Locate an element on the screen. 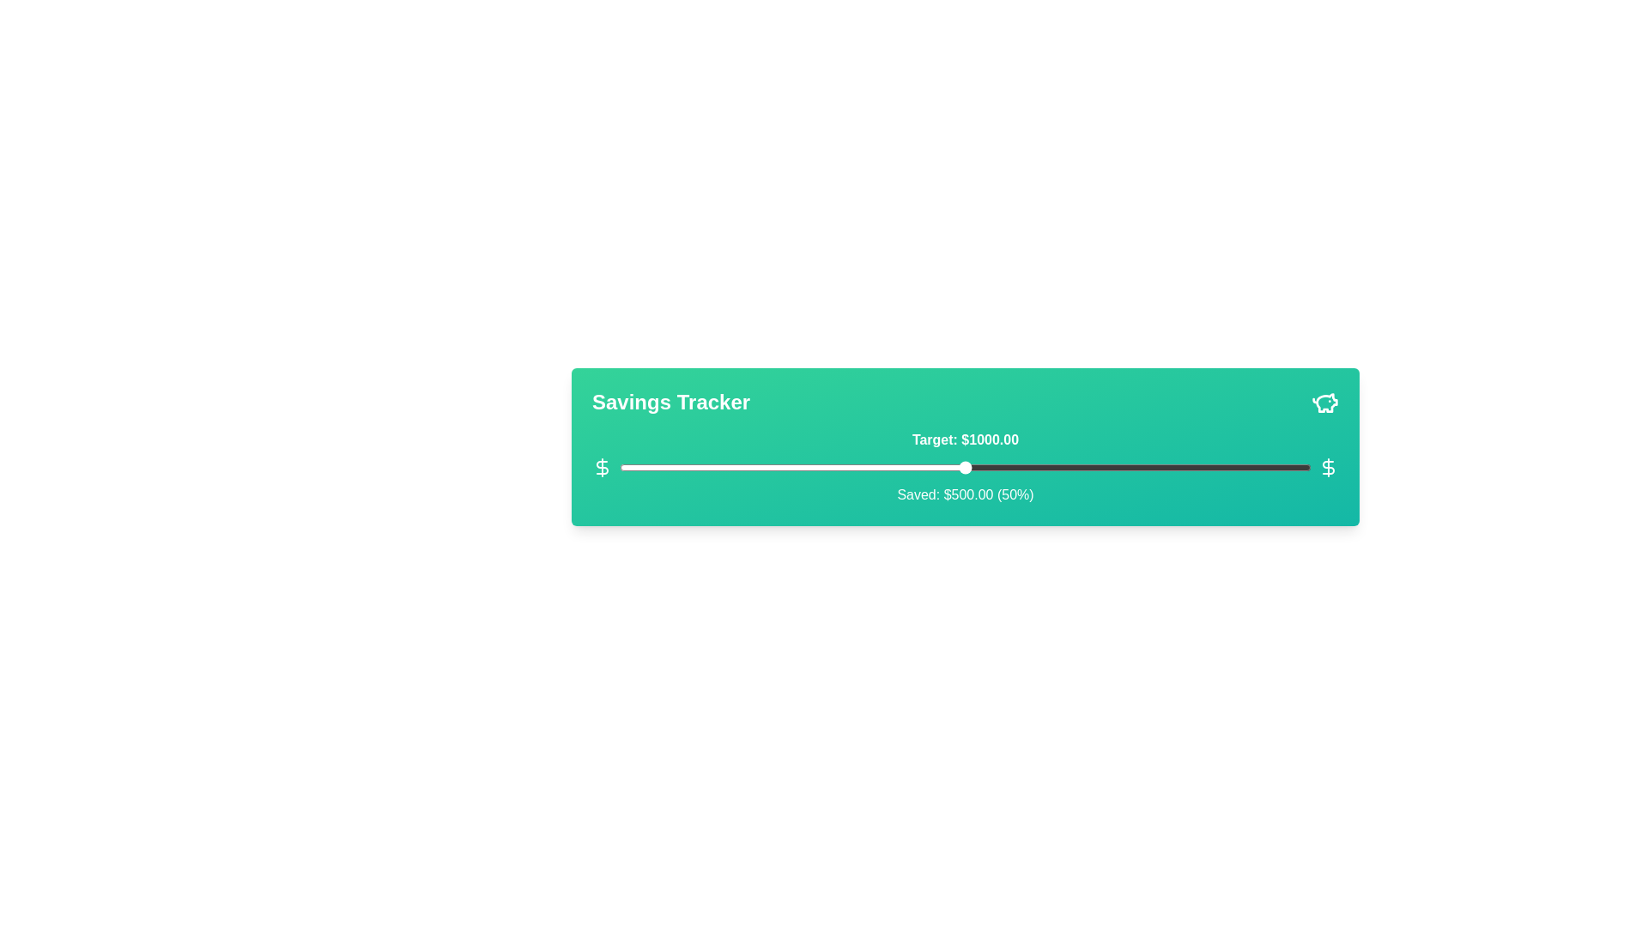 This screenshot has width=1648, height=927. the savings tracker is located at coordinates (1027, 467).